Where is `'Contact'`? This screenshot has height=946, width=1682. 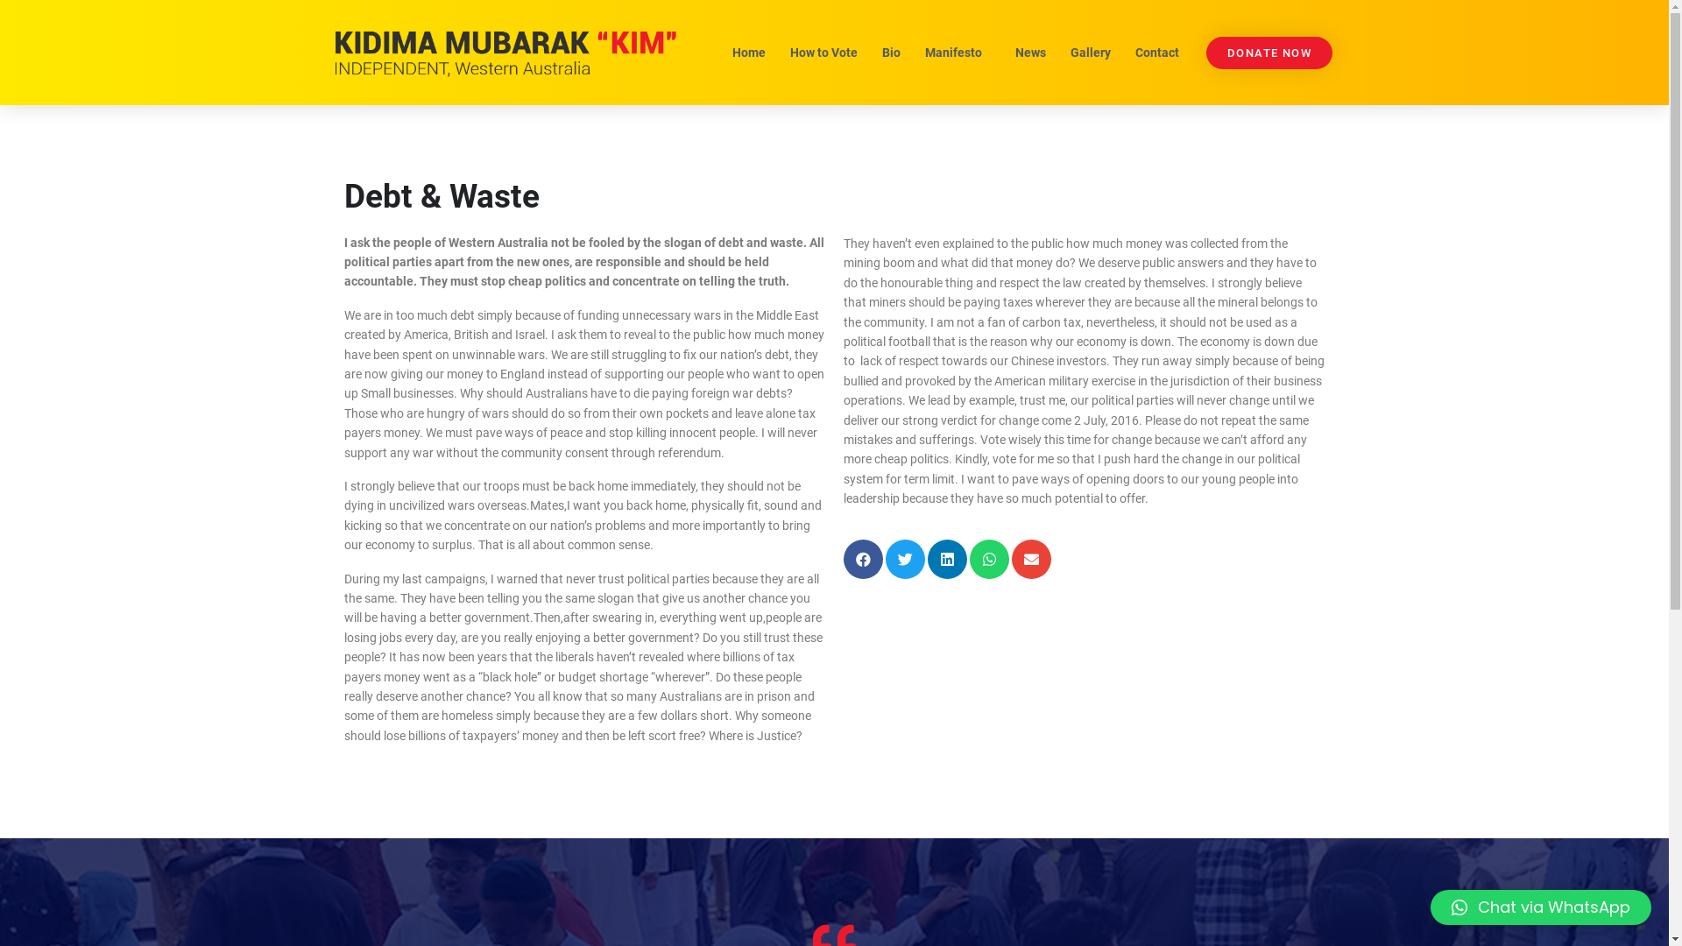
'Contact' is located at coordinates (1124, 52).